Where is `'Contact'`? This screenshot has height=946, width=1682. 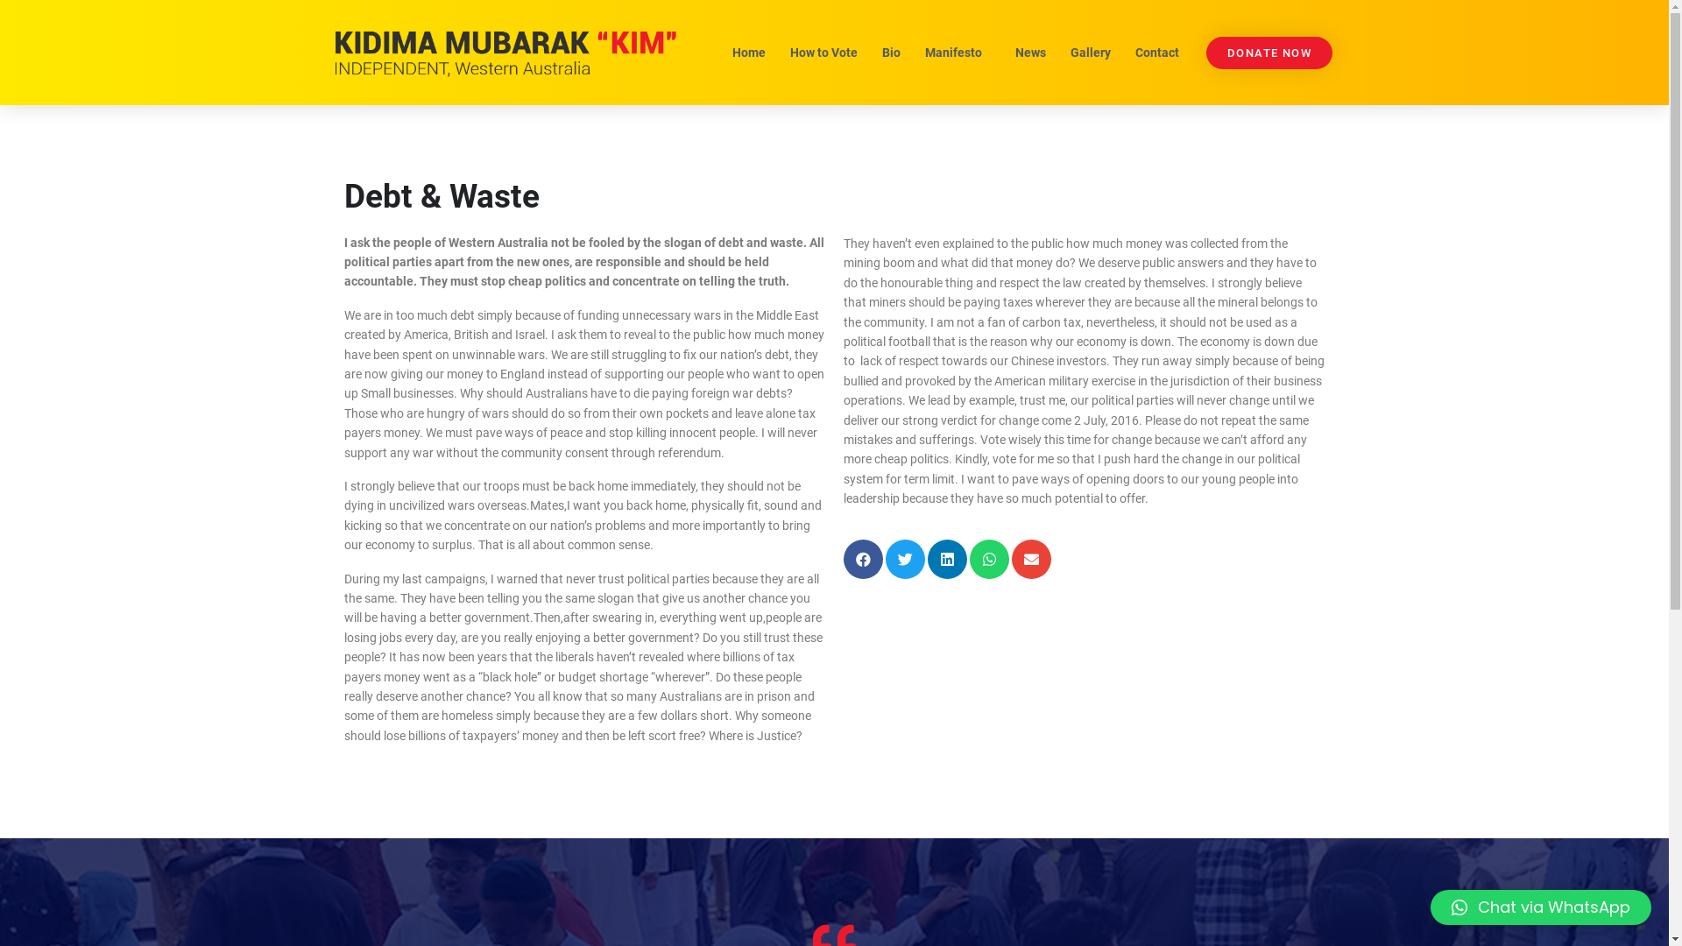
'Contact' is located at coordinates (1124, 52).